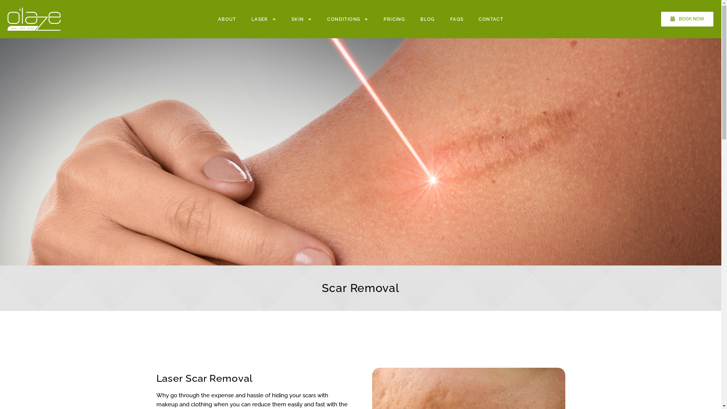  I want to click on 'ABOUT', so click(227, 19).